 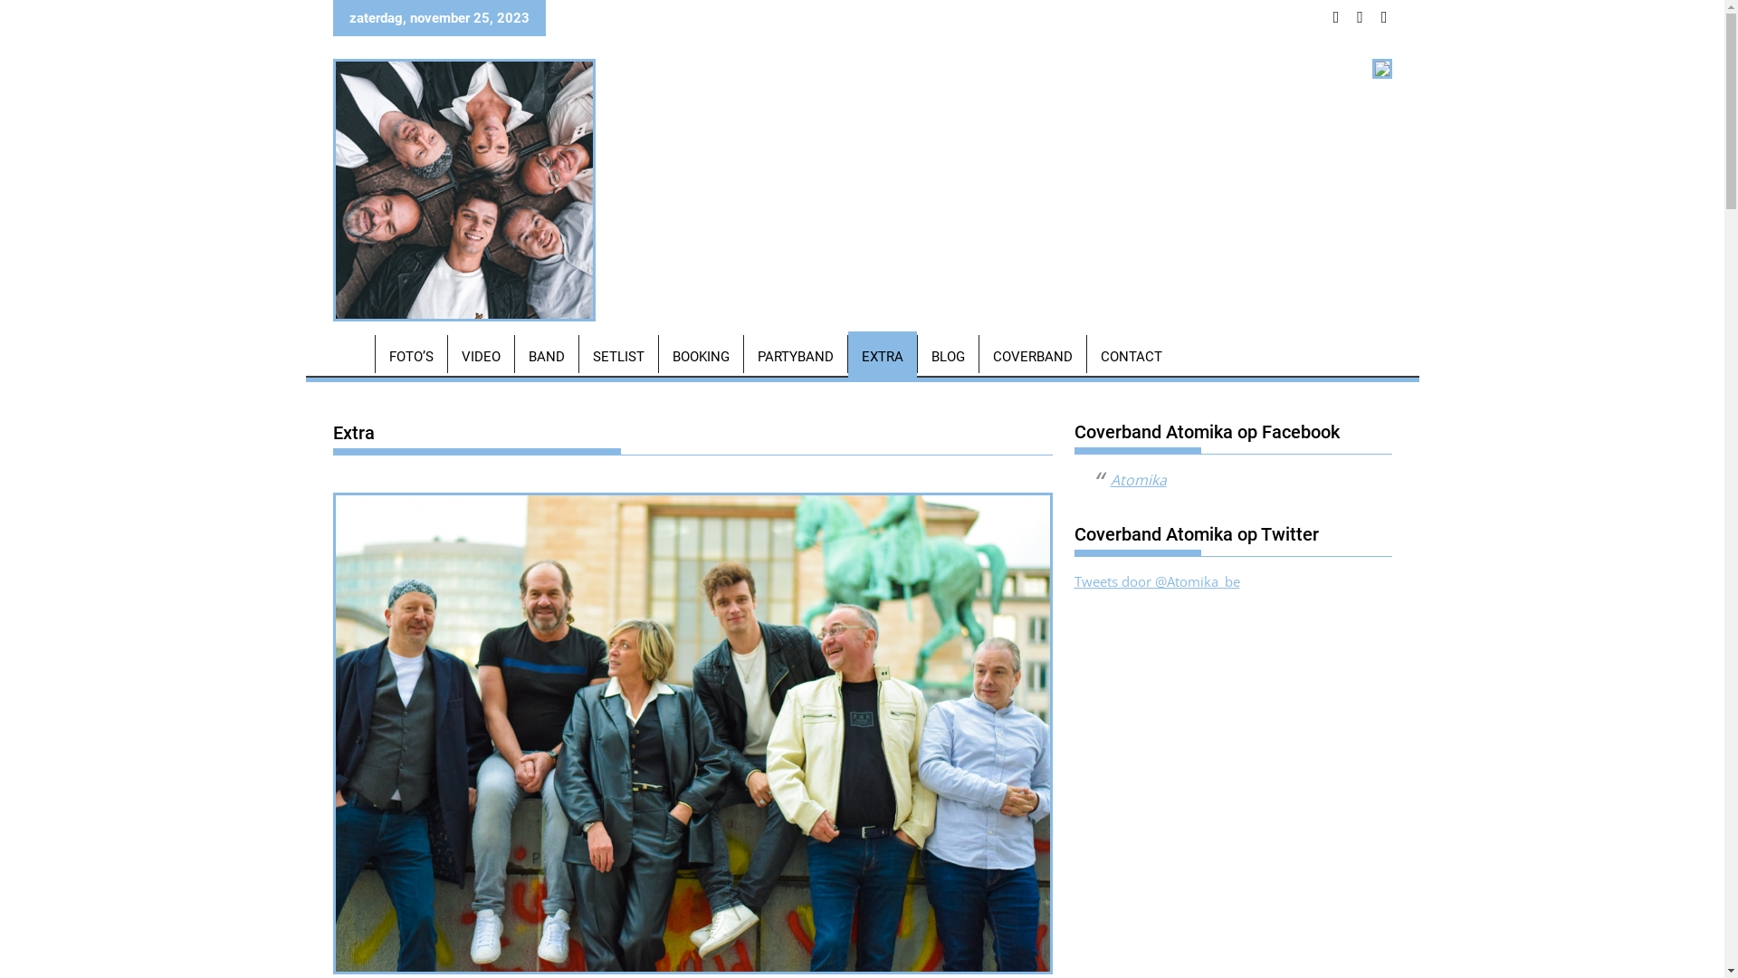 I want to click on 'Atomika', so click(x=1137, y=478).